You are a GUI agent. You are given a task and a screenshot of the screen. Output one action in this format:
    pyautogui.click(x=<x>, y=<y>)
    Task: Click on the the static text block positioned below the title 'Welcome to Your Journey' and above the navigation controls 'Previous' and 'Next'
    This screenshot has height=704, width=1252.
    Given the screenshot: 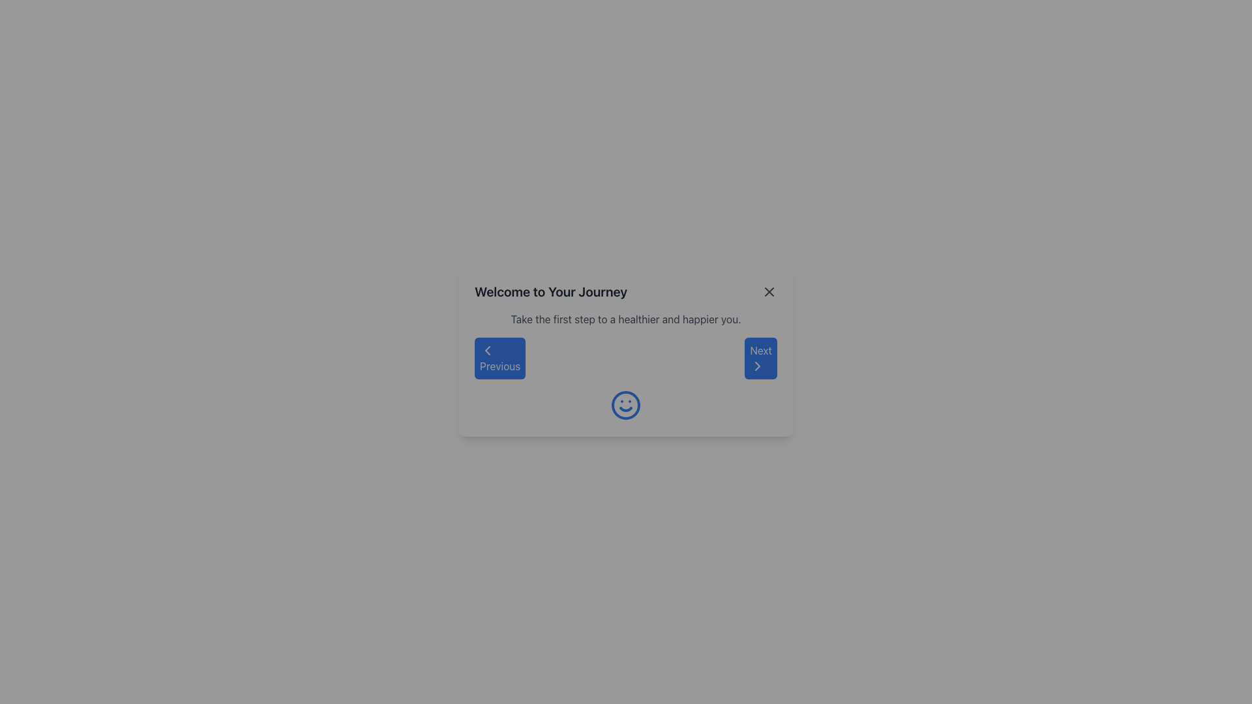 What is the action you would take?
    pyautogui.click(x=626, y=319)
    